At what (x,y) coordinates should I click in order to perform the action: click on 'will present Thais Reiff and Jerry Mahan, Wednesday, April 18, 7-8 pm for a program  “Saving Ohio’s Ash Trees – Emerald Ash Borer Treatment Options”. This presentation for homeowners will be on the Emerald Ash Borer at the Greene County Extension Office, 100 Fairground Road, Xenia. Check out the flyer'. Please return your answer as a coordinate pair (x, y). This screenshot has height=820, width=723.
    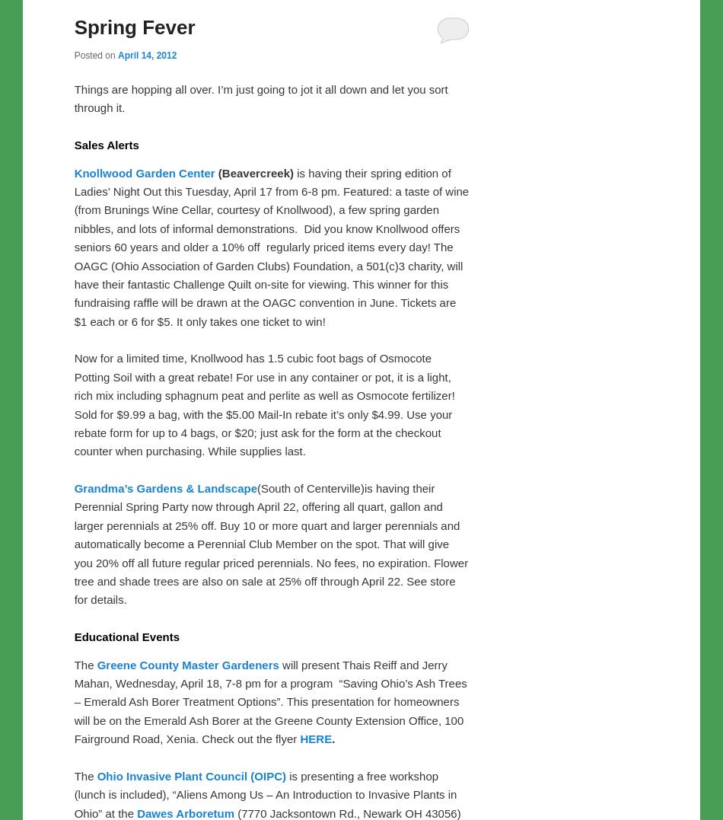
    Looking at the image, I should click on (269, 700).